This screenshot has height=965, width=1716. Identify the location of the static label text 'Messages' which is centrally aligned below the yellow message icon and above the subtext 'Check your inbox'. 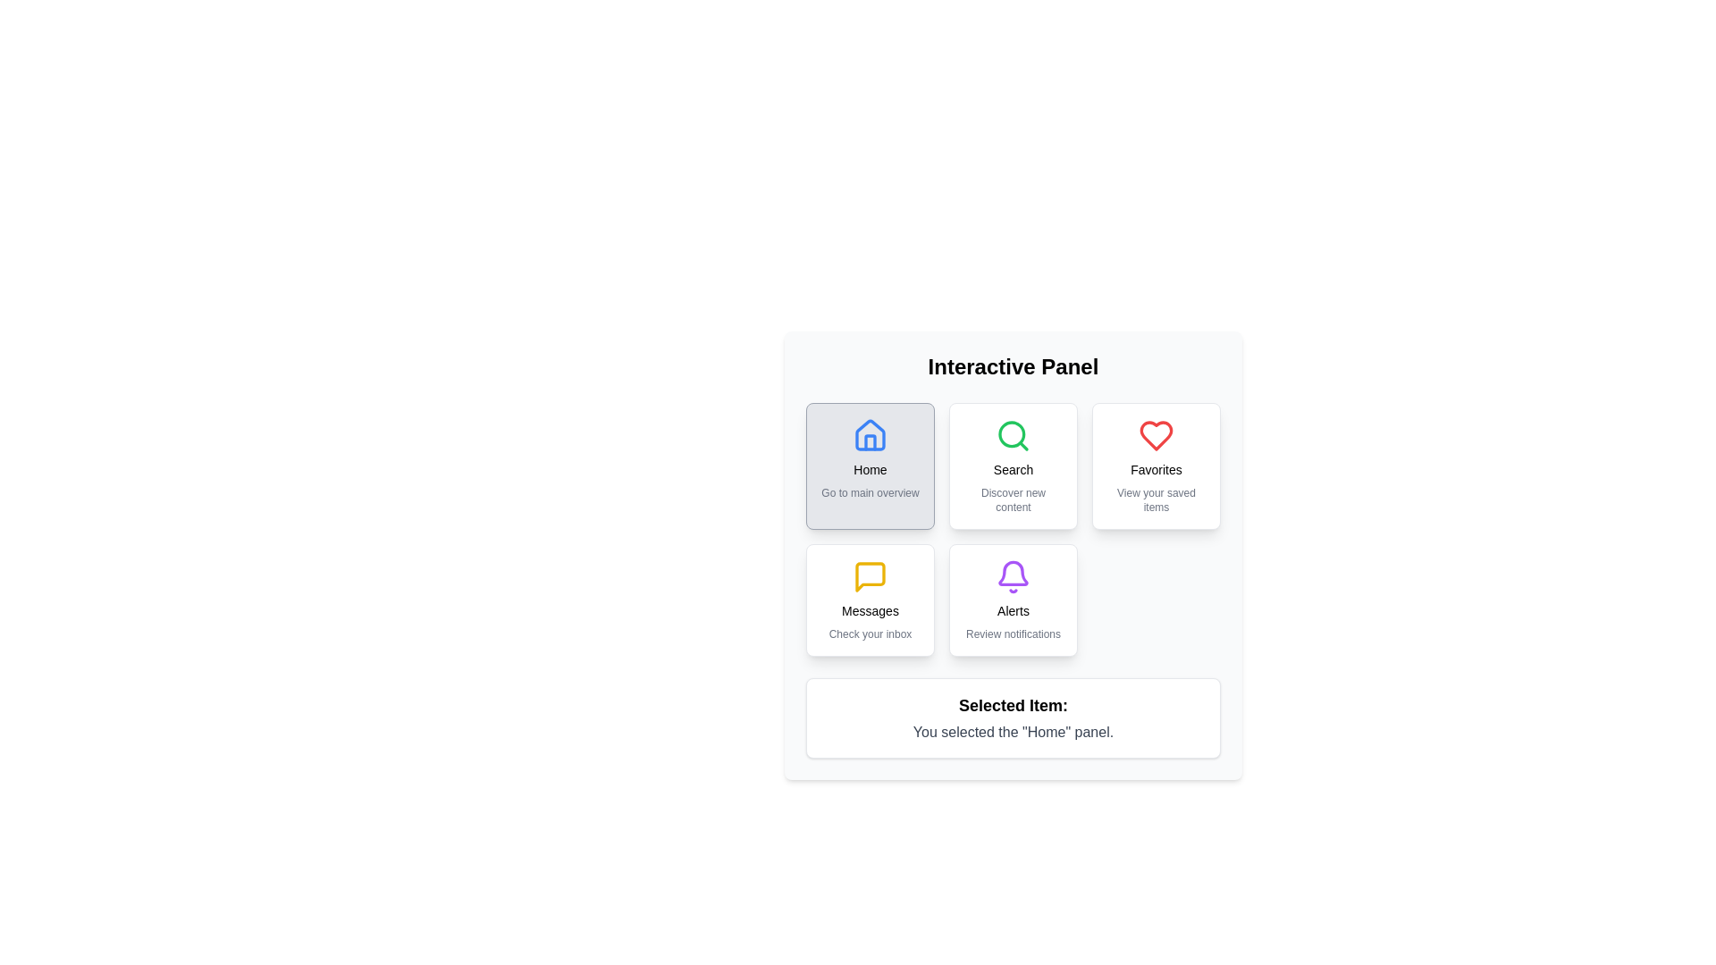
(871, 609).